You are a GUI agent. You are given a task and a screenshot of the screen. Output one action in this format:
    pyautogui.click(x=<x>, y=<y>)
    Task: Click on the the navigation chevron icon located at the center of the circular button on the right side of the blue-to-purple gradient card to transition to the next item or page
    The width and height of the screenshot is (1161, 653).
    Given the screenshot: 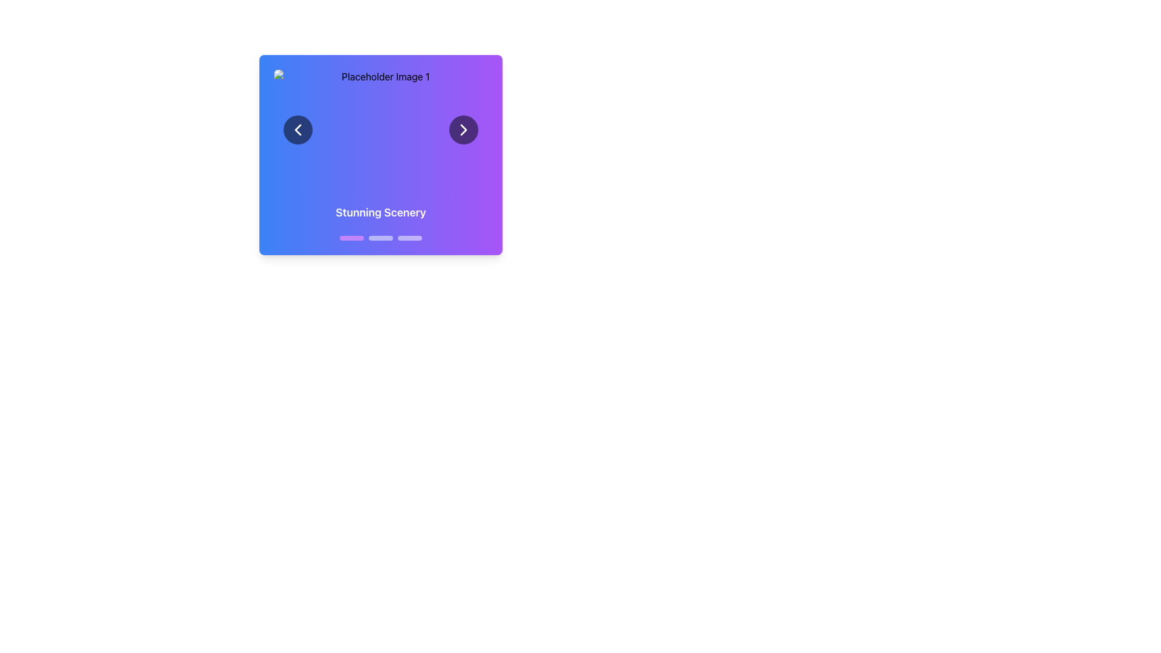 What is the action you would take?
    pyautogui.click(x=463, y=129)
    